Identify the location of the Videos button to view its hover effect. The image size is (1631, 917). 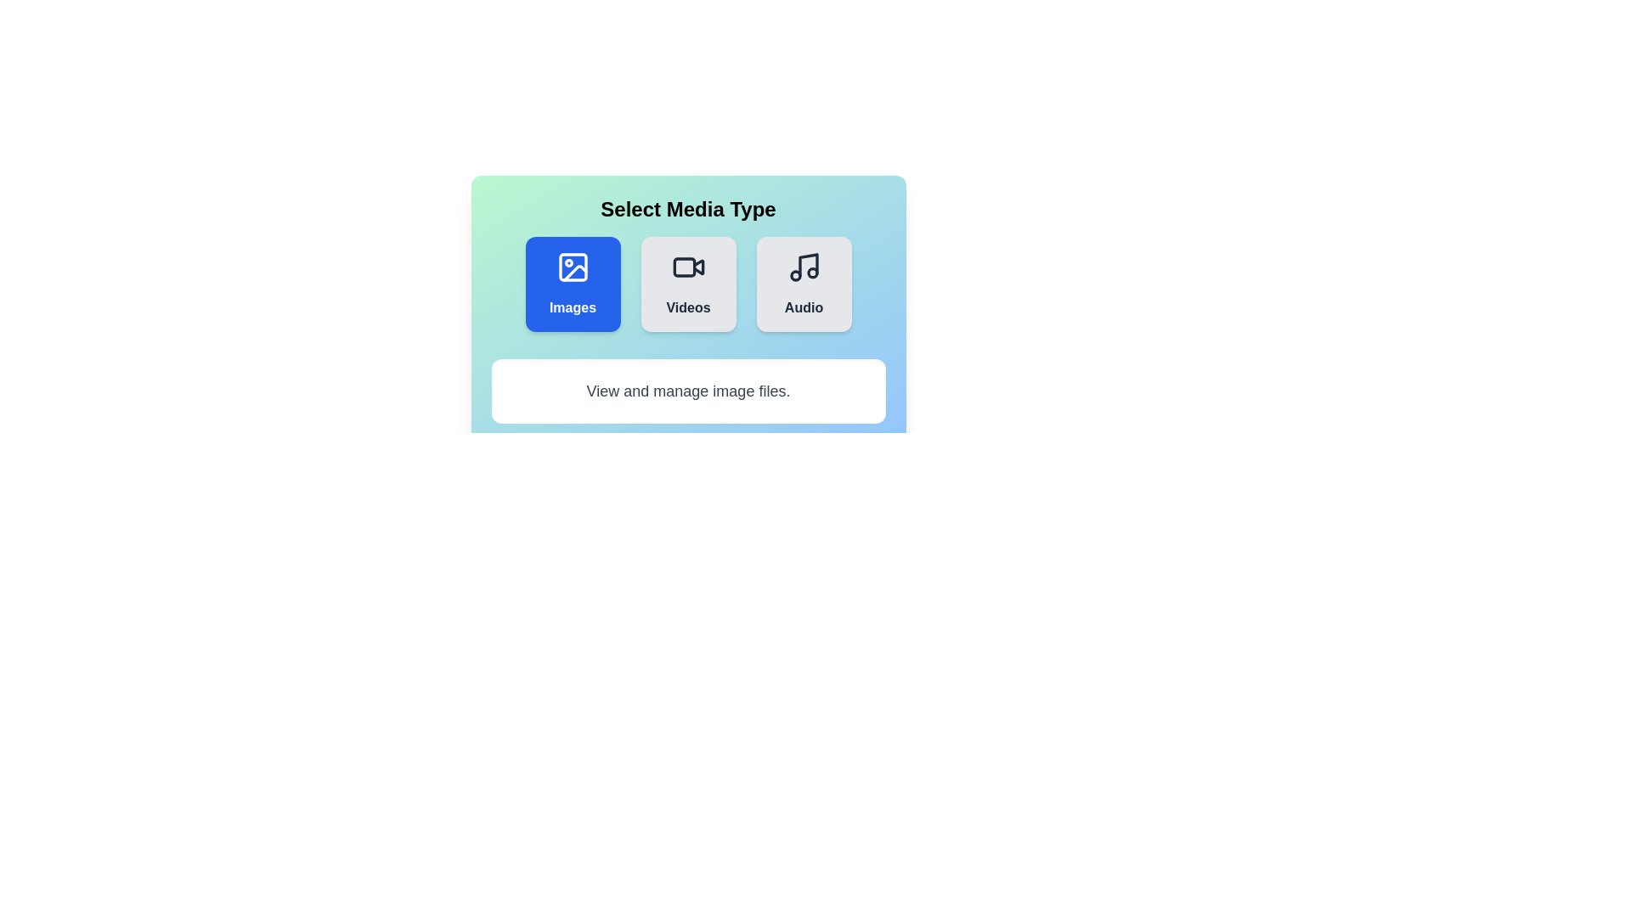
(688, 284).